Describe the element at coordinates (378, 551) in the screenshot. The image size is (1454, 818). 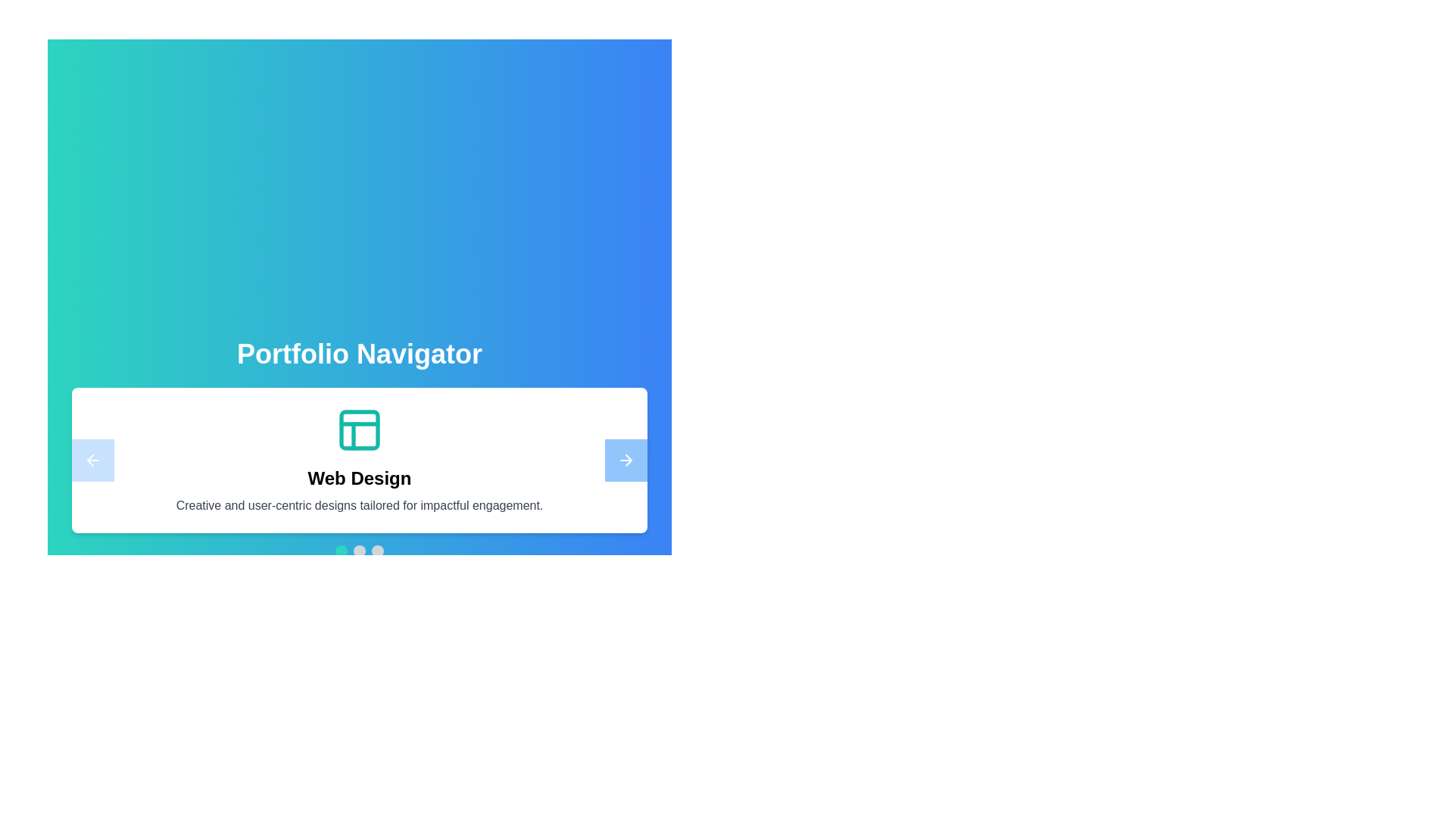
I see `the navigation dot corresponding to 2 to navigate to a specific project` at that location.